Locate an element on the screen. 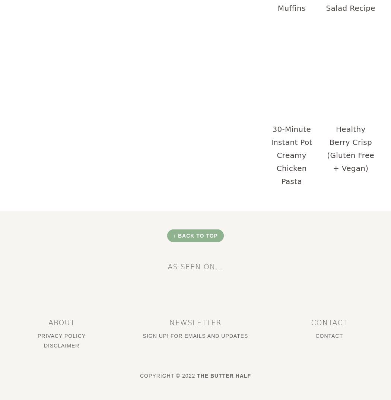  'About' is located at coordinates (61, 322).